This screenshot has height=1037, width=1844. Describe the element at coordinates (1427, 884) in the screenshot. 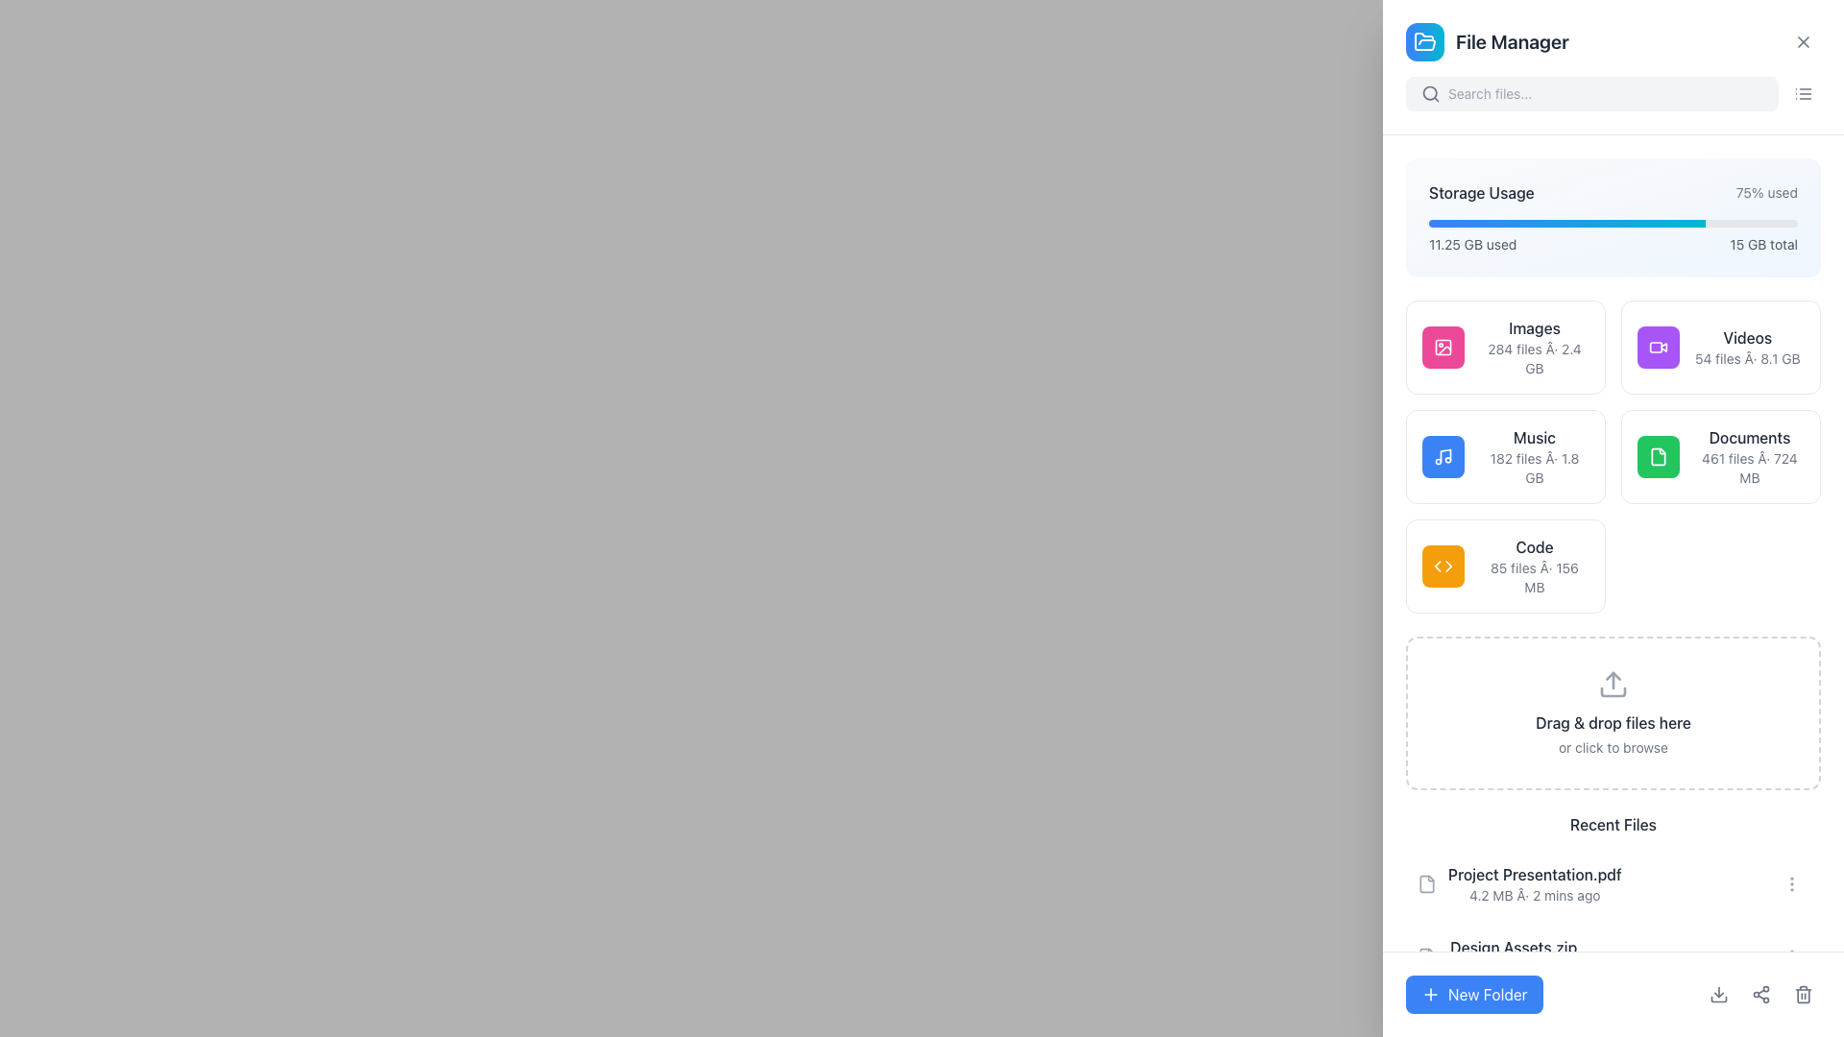

I see `the file icon representing 'Project Presentation.pdf', which is a gray document icon with a folded corner located in the 'Recent Files' section` at that location.